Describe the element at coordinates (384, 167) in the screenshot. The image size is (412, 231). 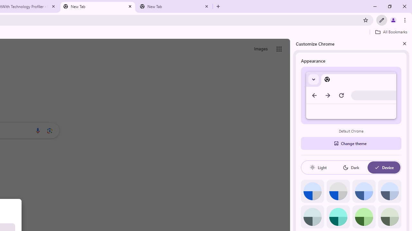
I see `'Device'` at that location.